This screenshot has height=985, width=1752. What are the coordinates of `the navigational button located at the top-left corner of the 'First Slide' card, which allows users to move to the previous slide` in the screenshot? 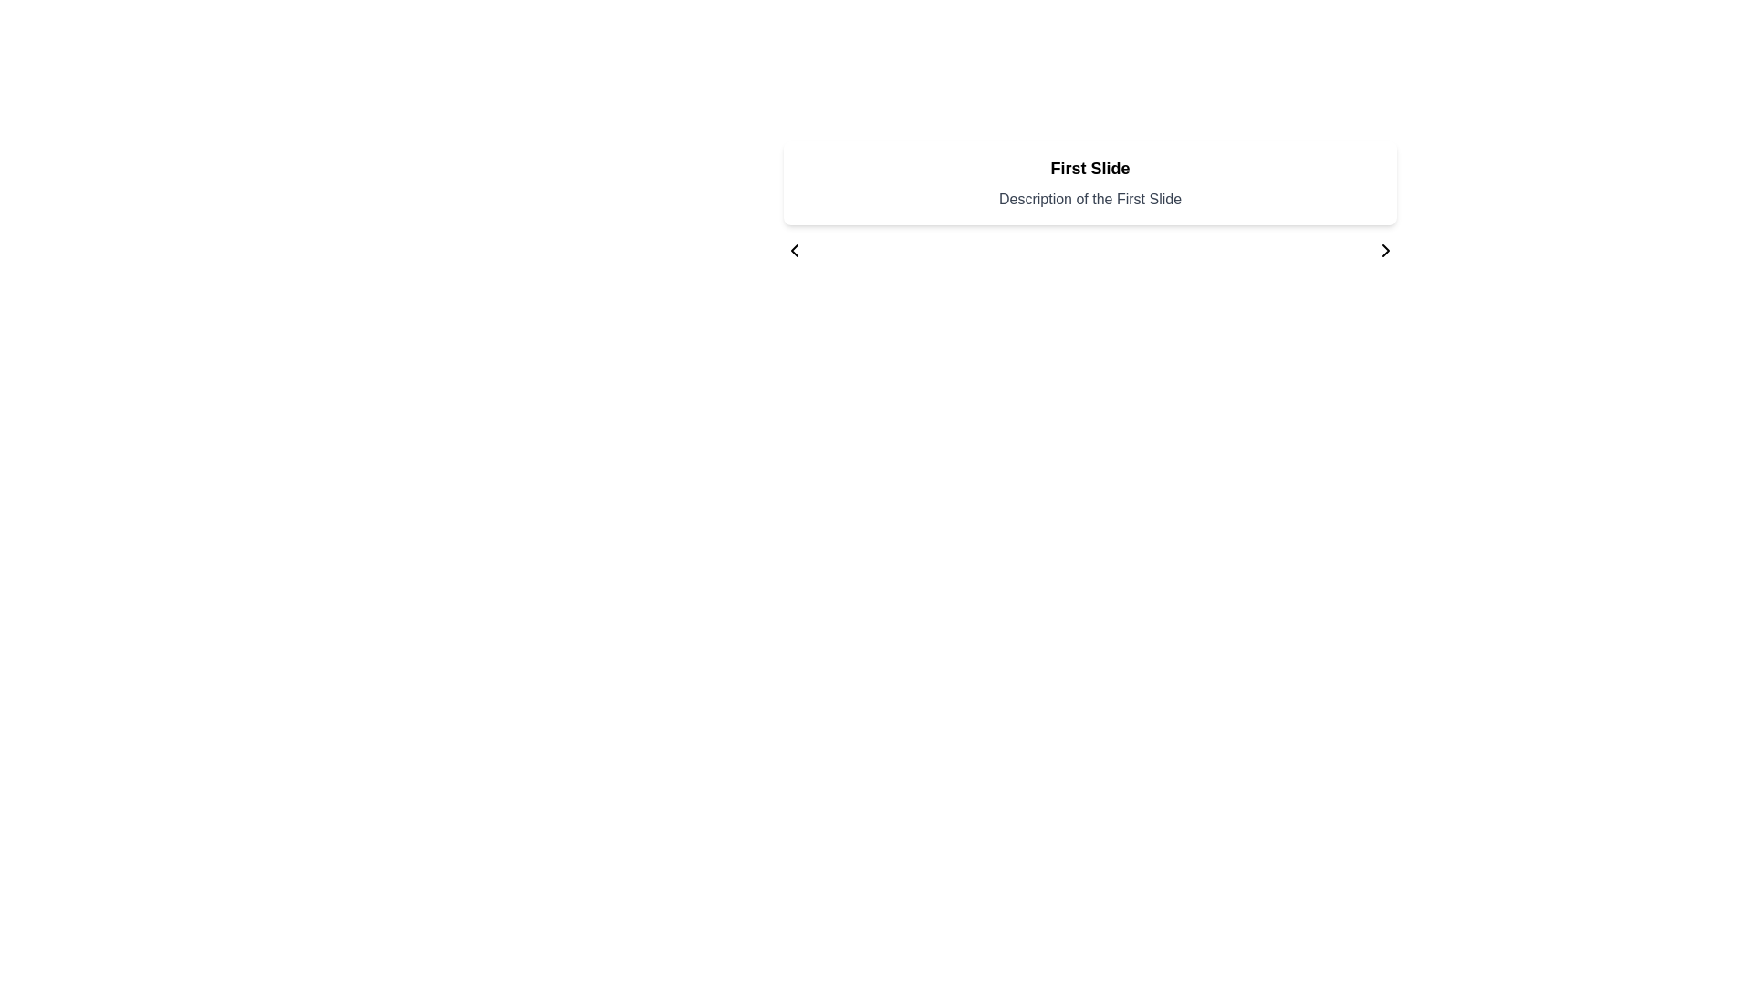 It's located at (794, 250).